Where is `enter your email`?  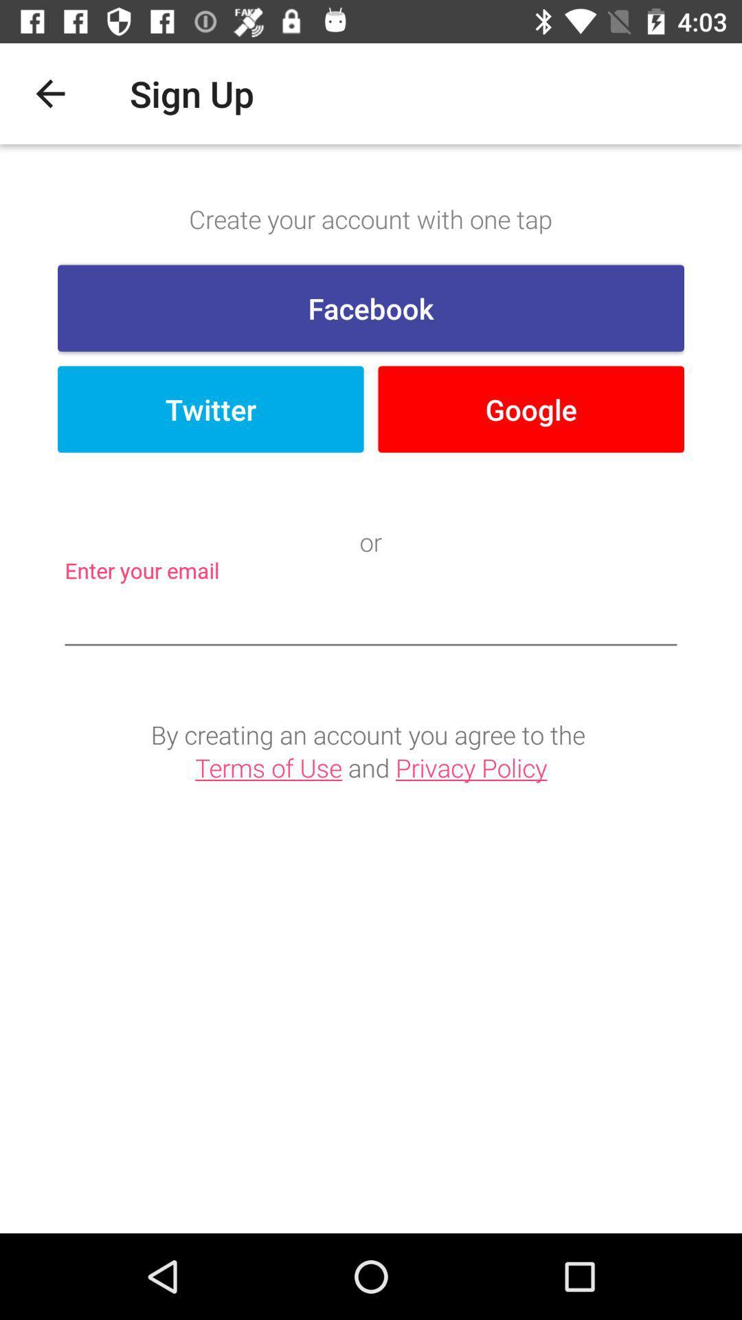
enter your email is located at coordinates (371, 618).